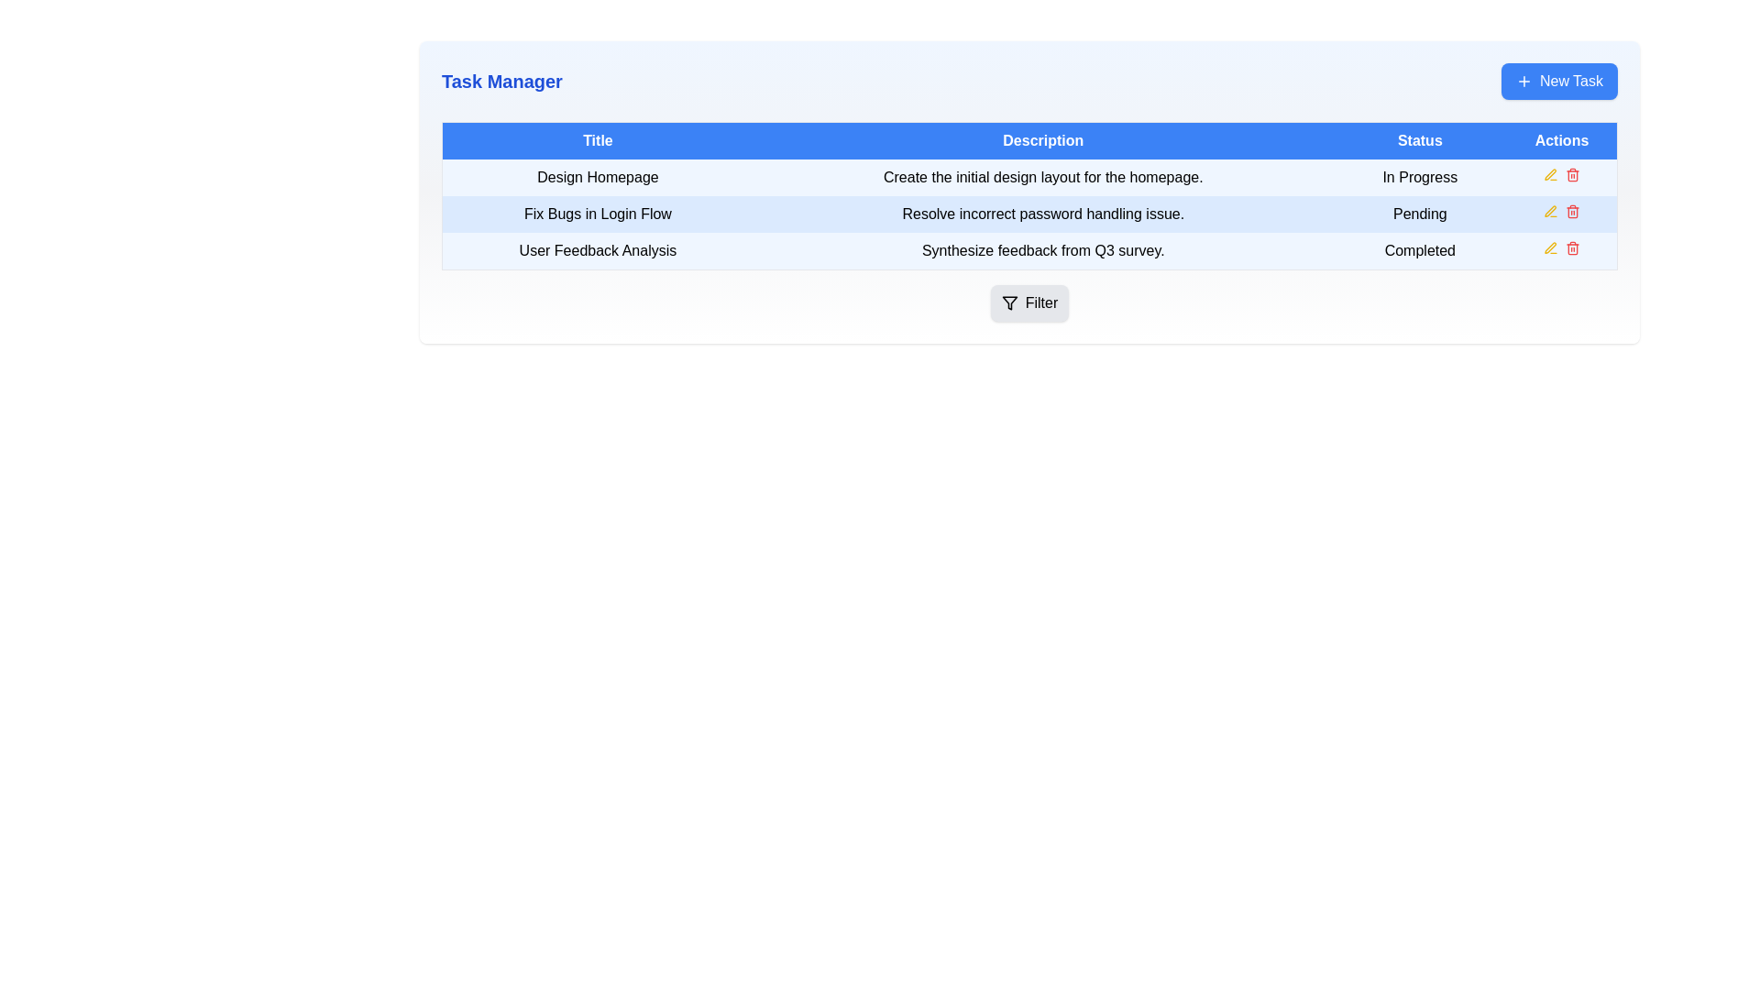 Image resolution: width=1760 pixels, height=990 pixels. I want to click on text from the Text Label that describes the task related to synthesizing feedback from a survey conducted in Q3, located in the third row of the table in the 'Description' column, so click(1043, 251).